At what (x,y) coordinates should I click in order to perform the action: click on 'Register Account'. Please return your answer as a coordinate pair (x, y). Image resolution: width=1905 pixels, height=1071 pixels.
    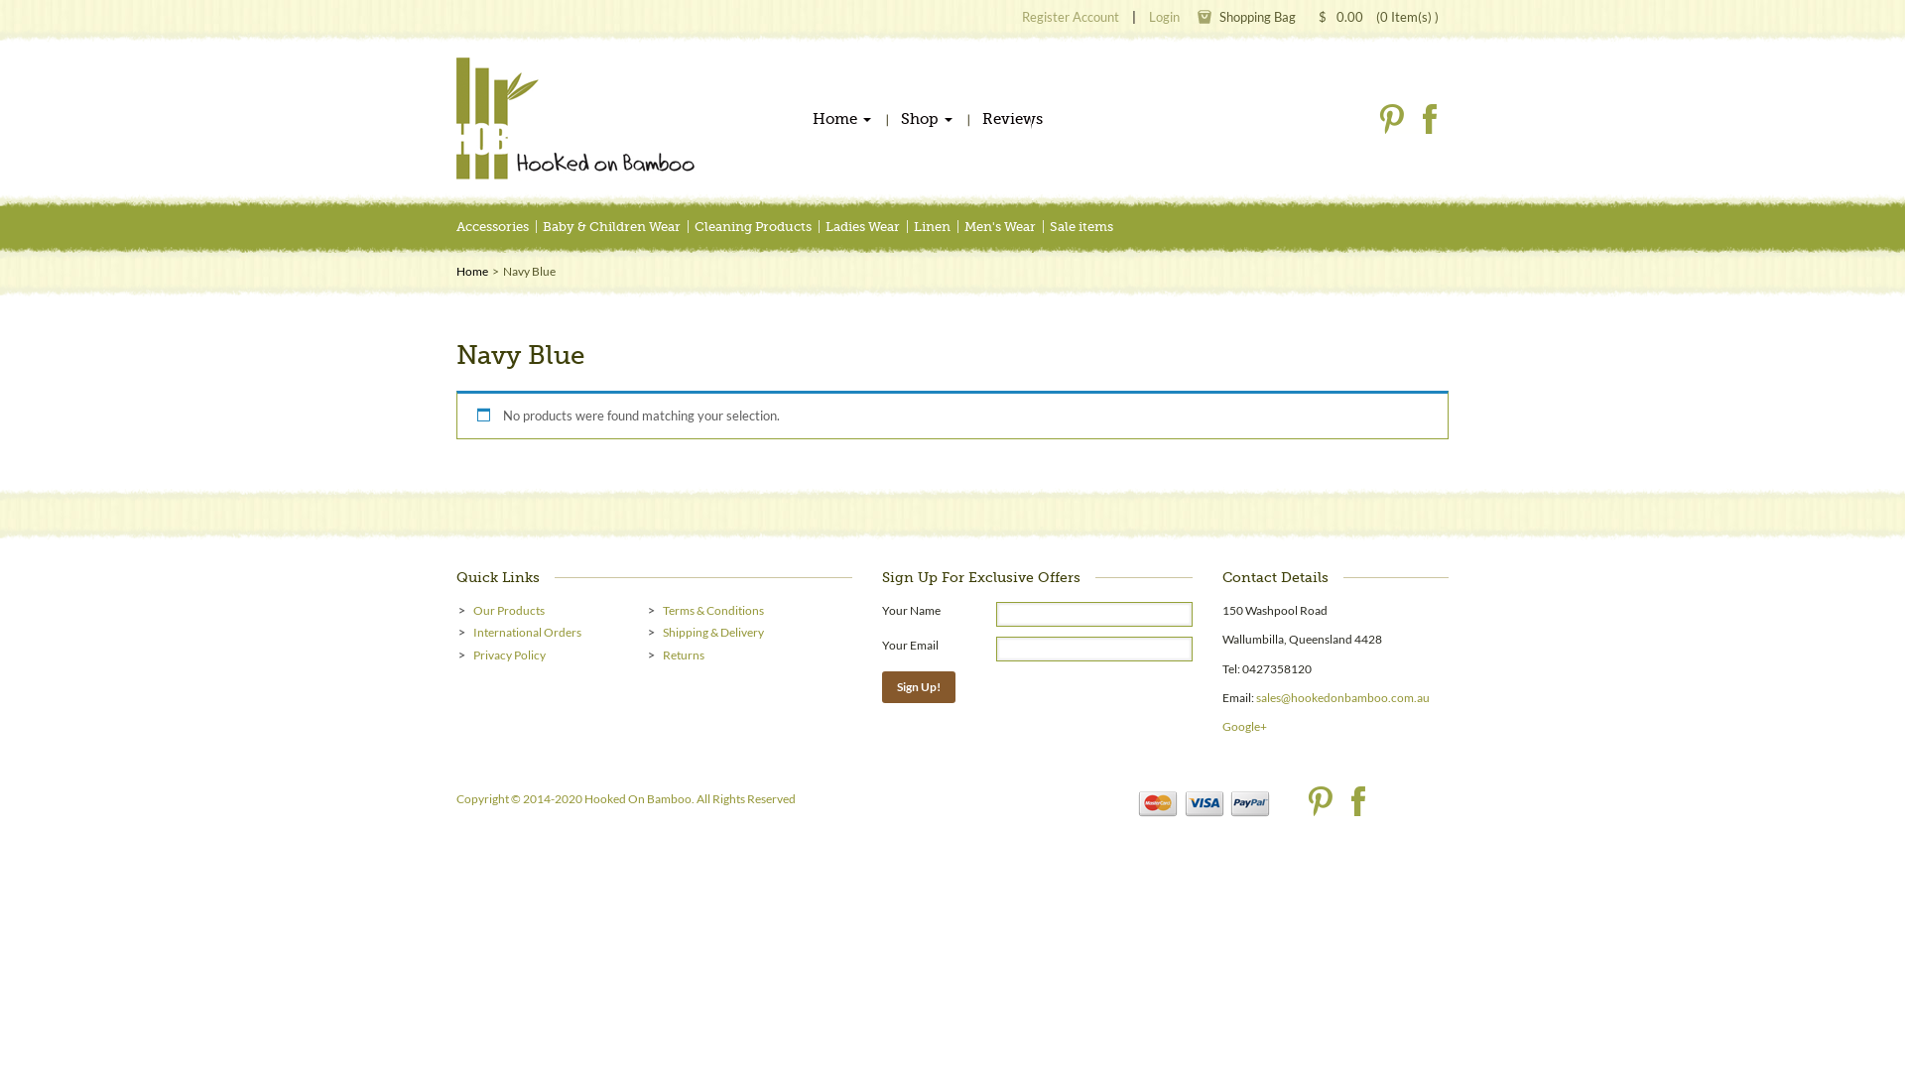
    Looking at the image, I should click on (1070, 16).